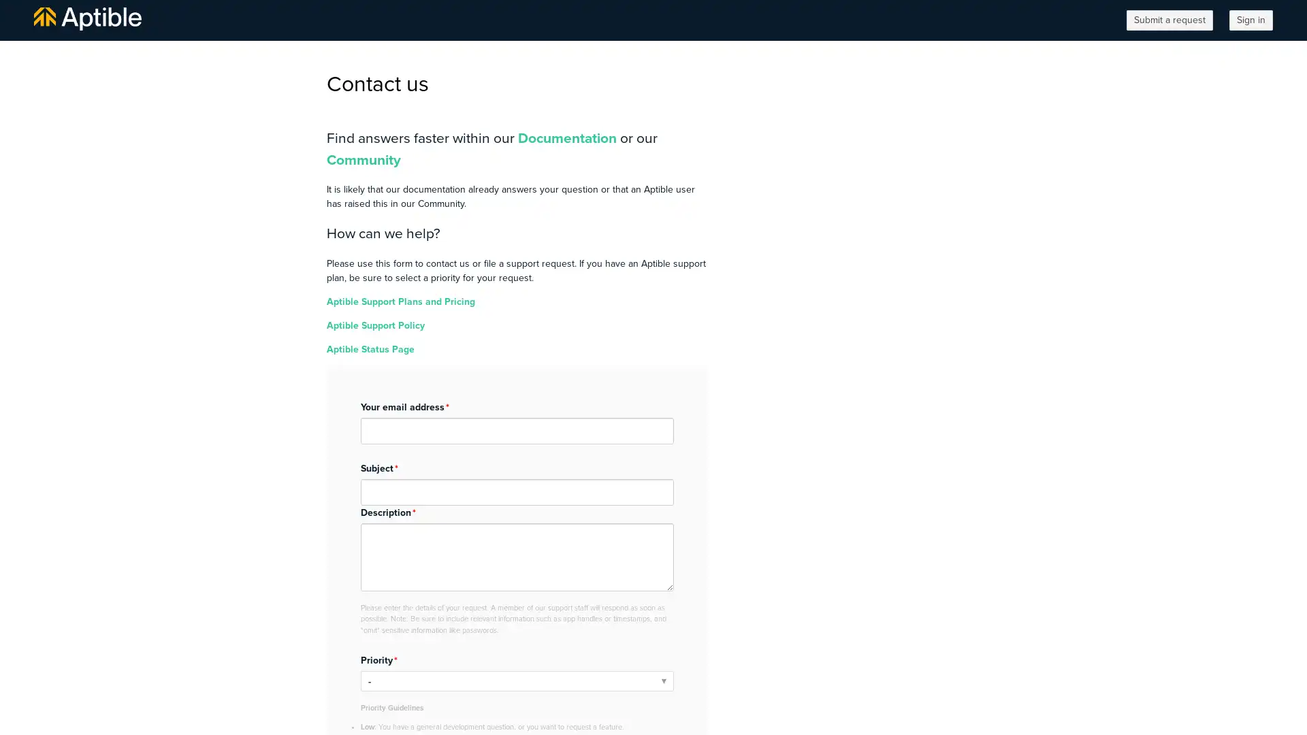 The height and width of the screenshot is (735, 1307). I want to click on Submit a request, so click(1169, 20).